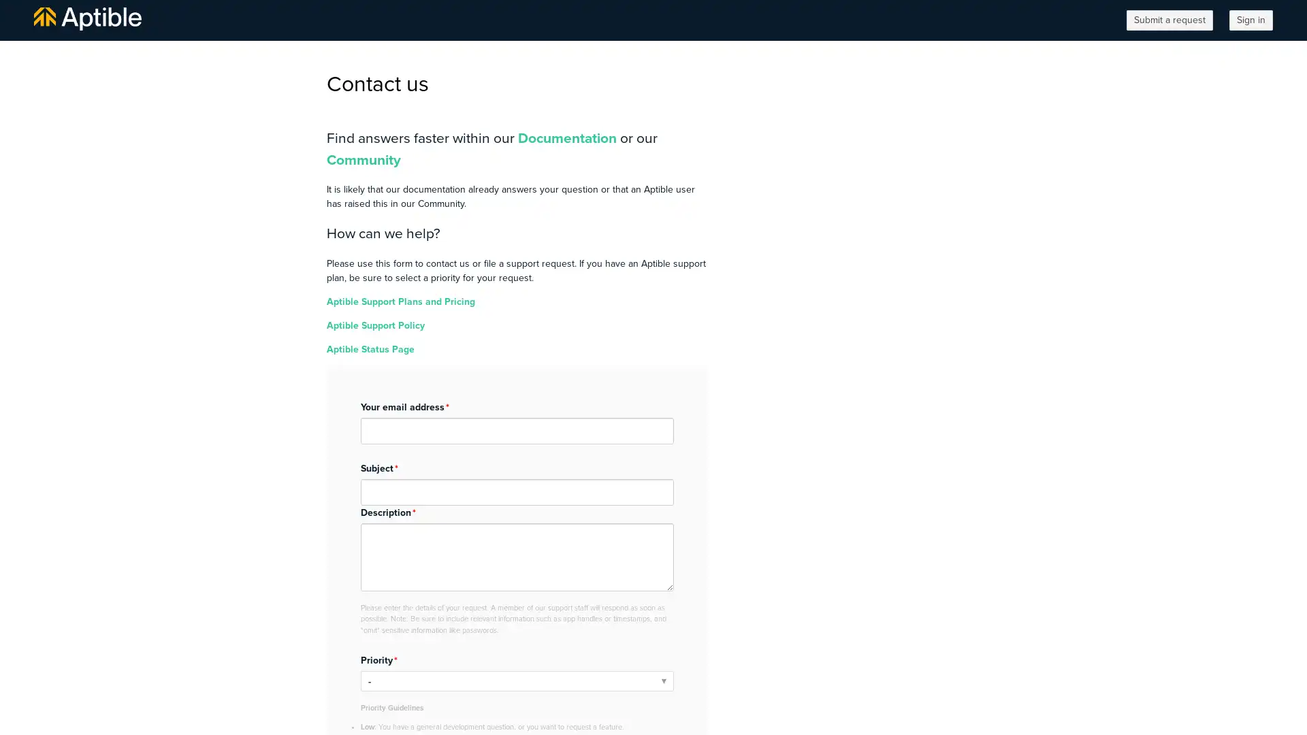 The height and width of the screenshot is (735, 1307). I want to click on Submit a request, so click(1169, 20).